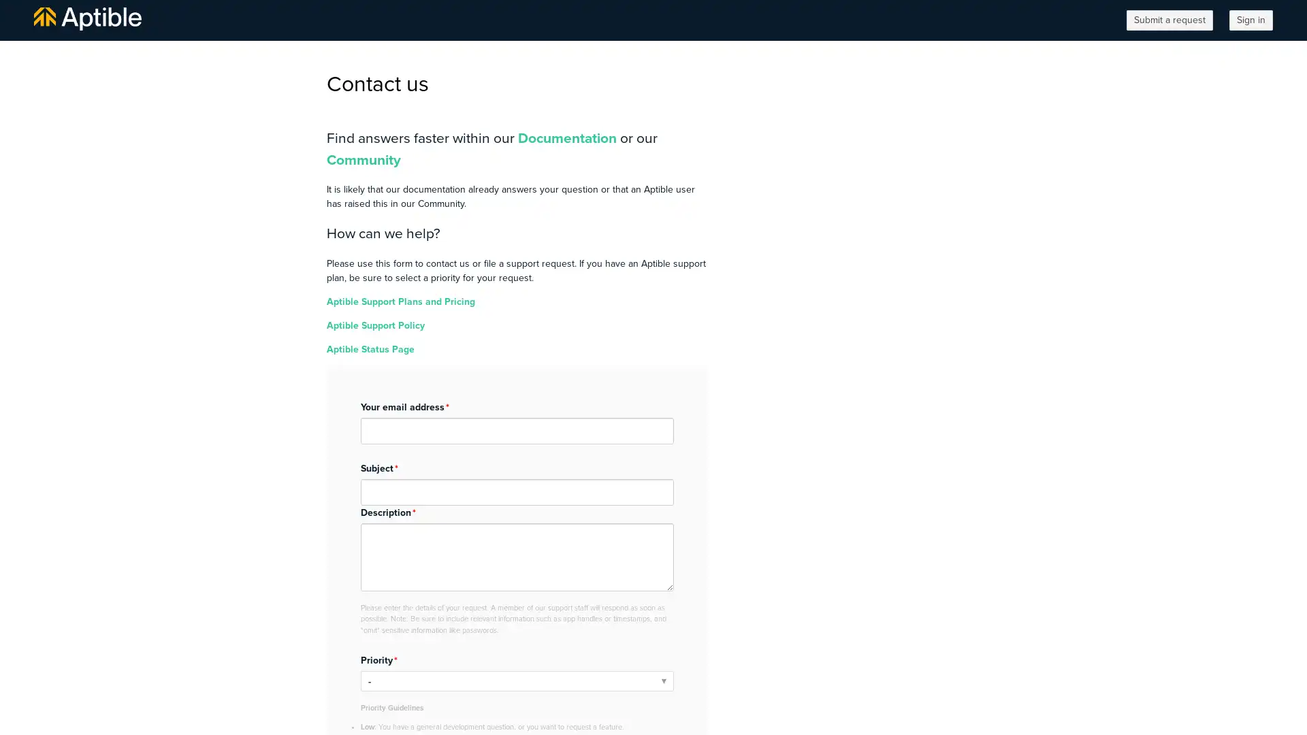 The height and width of the screenshot is (735, 1307). I want to click on Submit a request, so click(1169, 20).